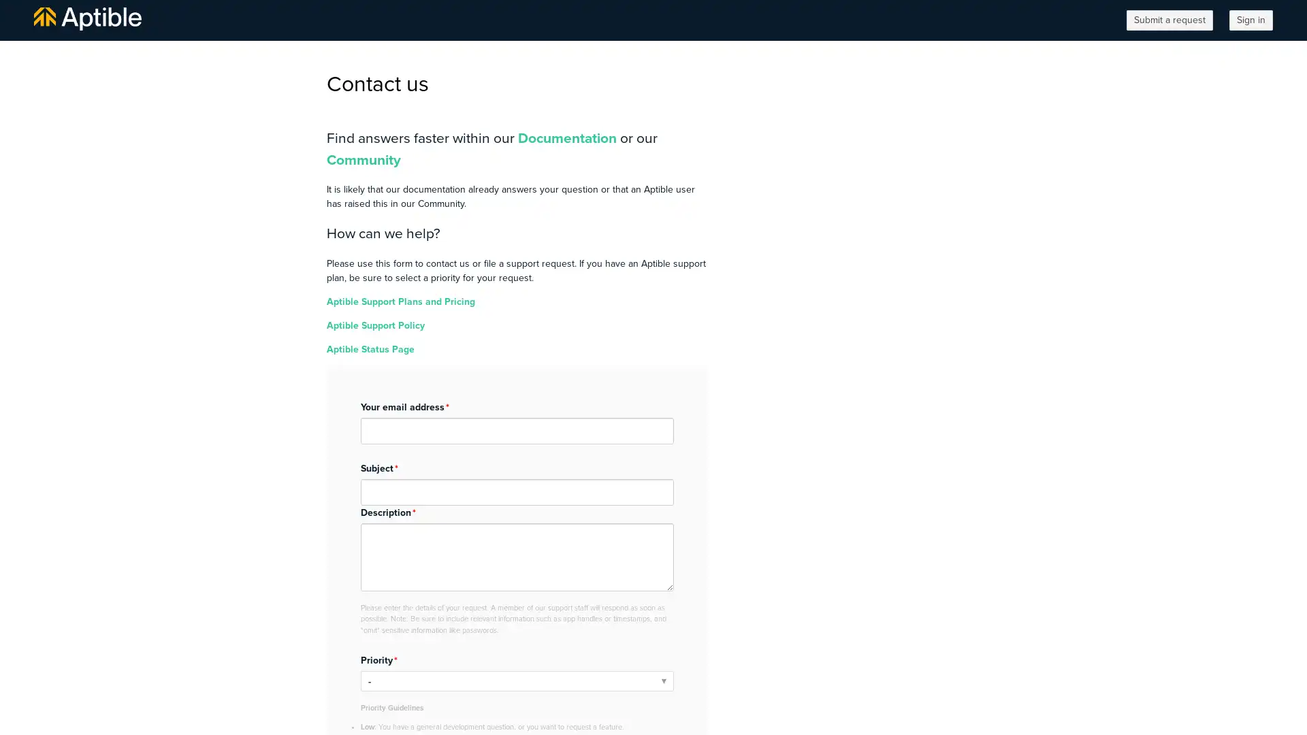 The height and width of the screenshot is (735, 1307). I want to click on Submit a request, so click(1169, 20).